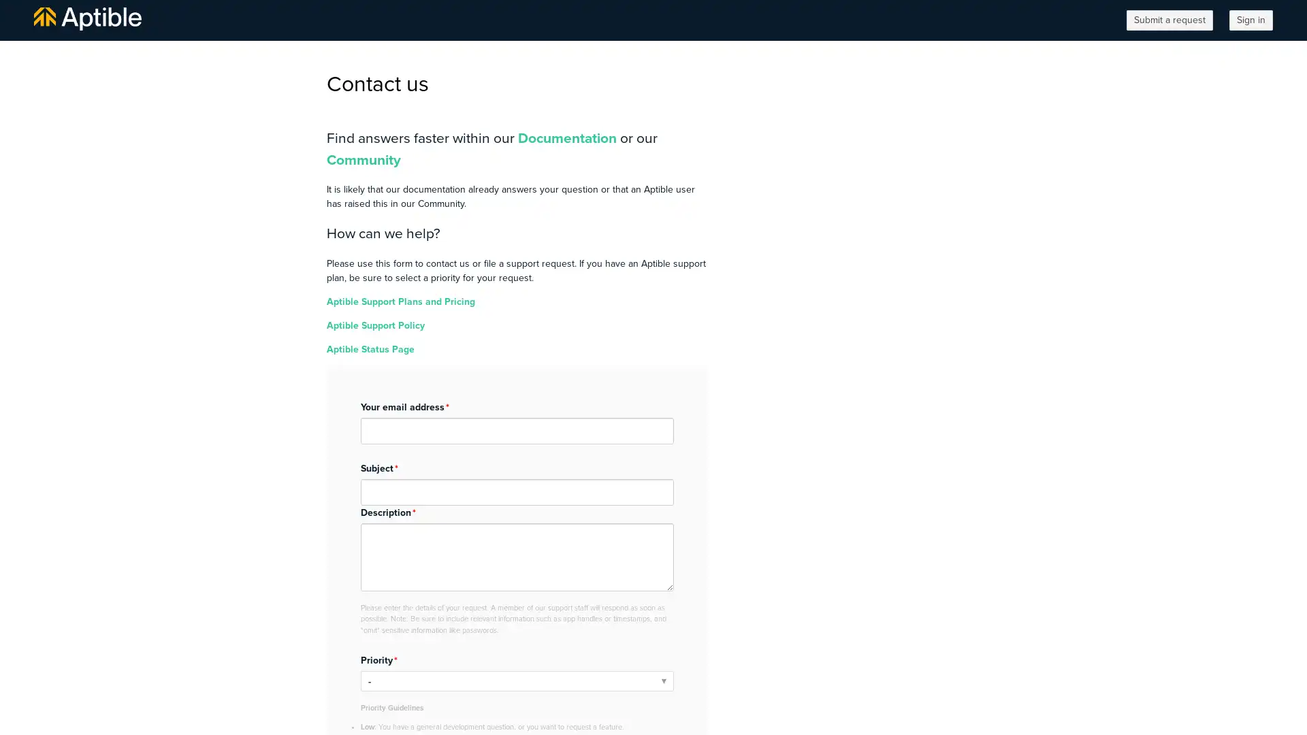 The height and width of the screenshot is (735, 1307). I want to click on Submit a request, so click(1169, 20).